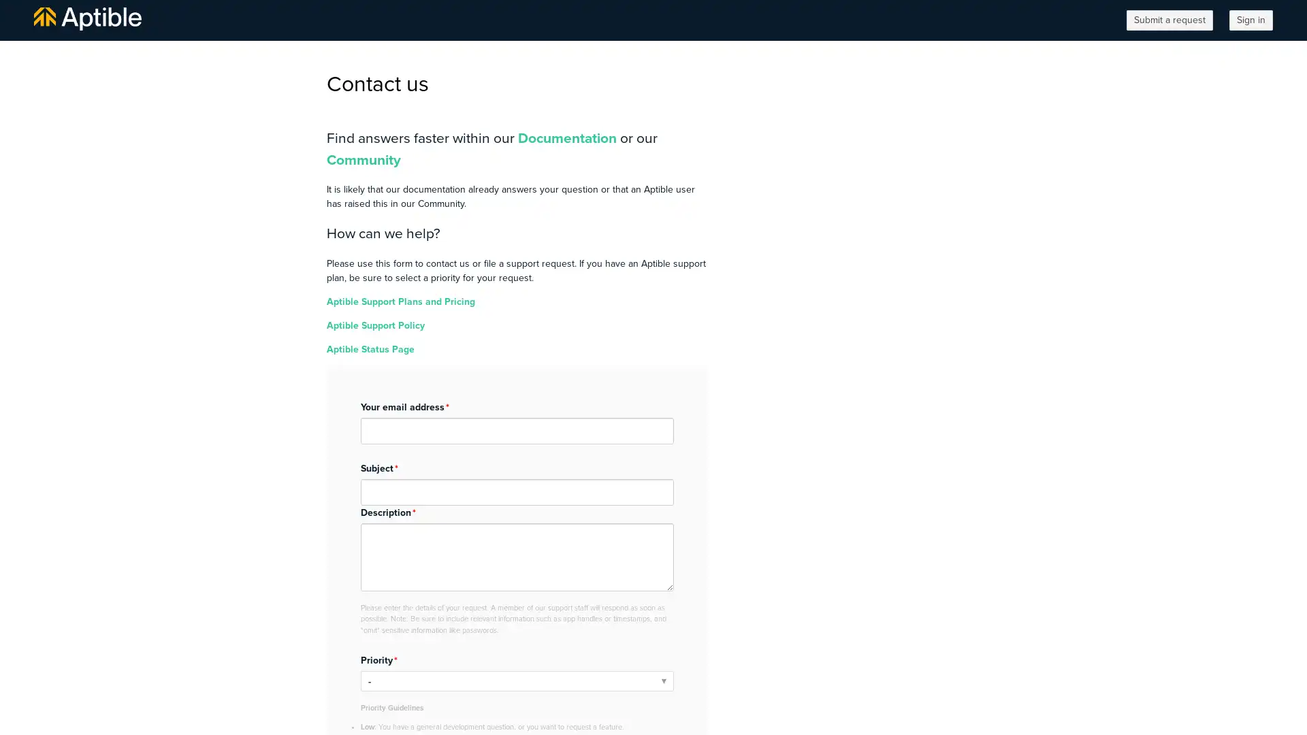 The height and width of the screenshot is (735, 1307). I want to click on Submit a request, so click(1169, 20).